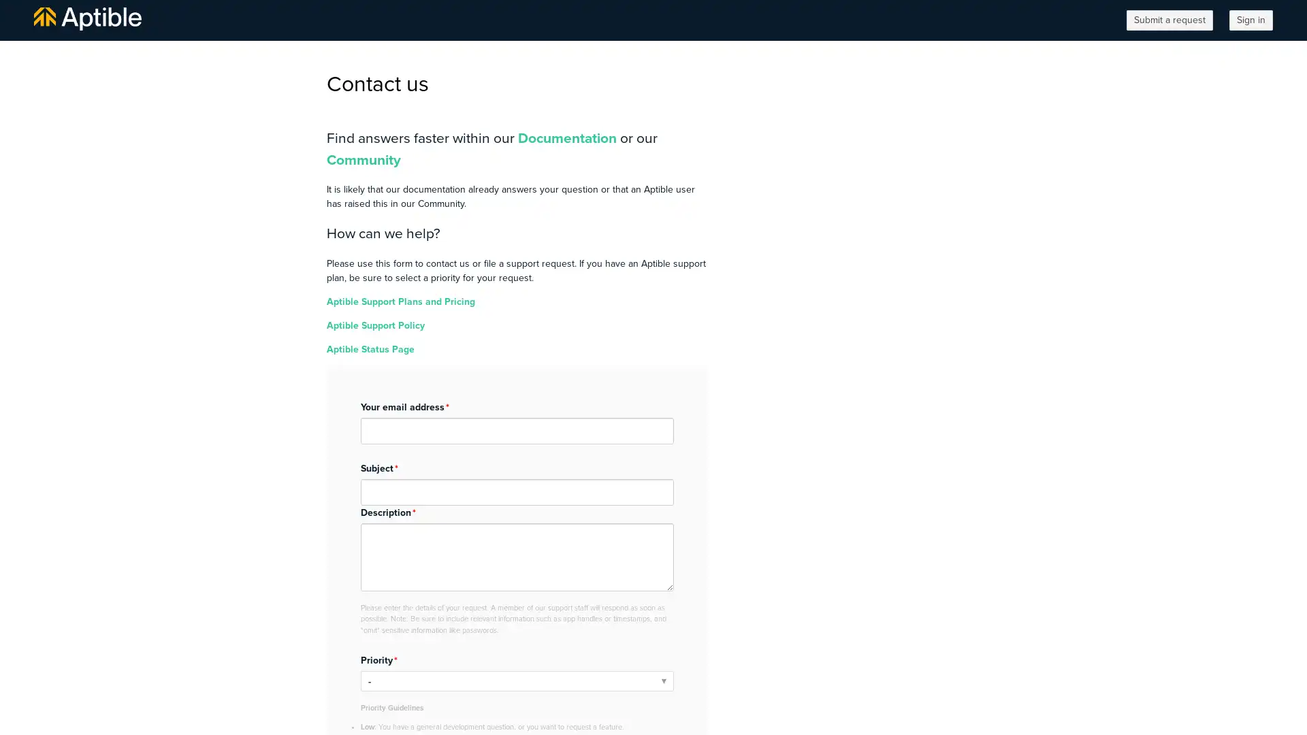 The height and width of the screenshot is (735, 1307). I want to click on Submit a request, so click(1169, 20).